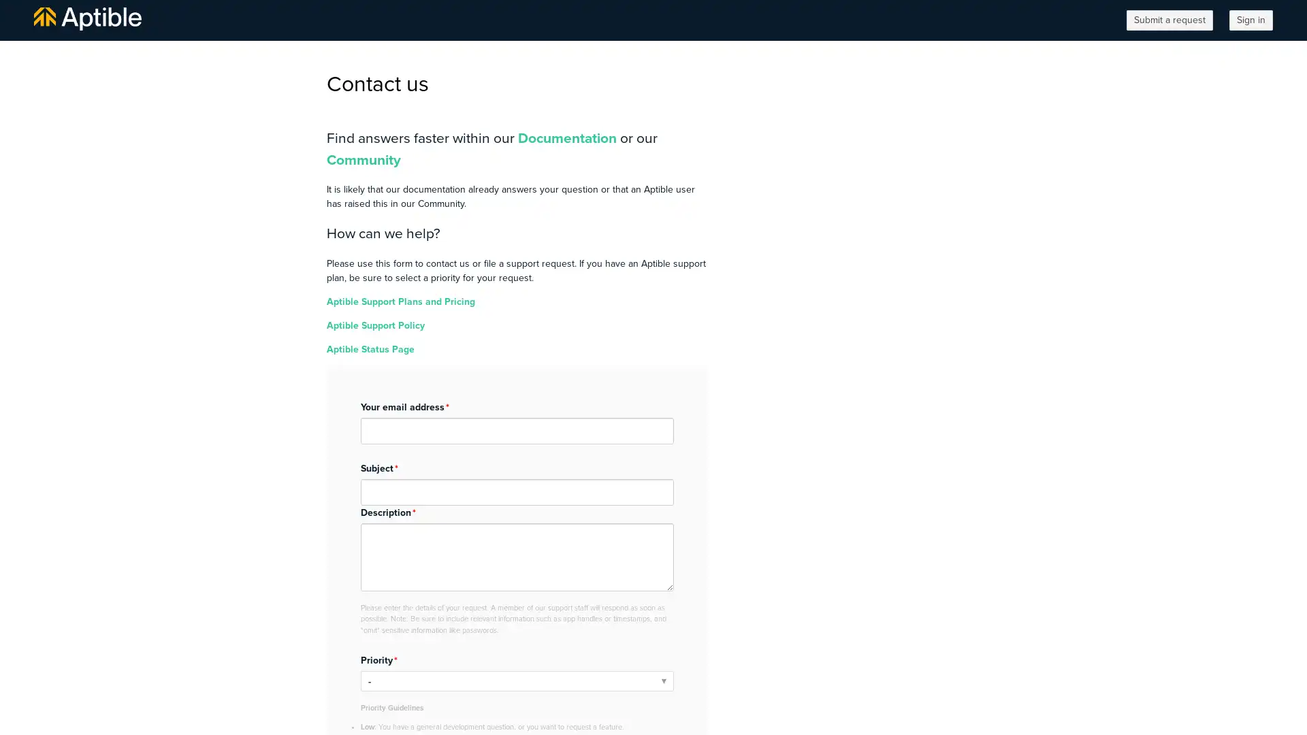 The height and width of the screenshot is (735, 1307). I want to click on Submit a request, so click(1169, 20).